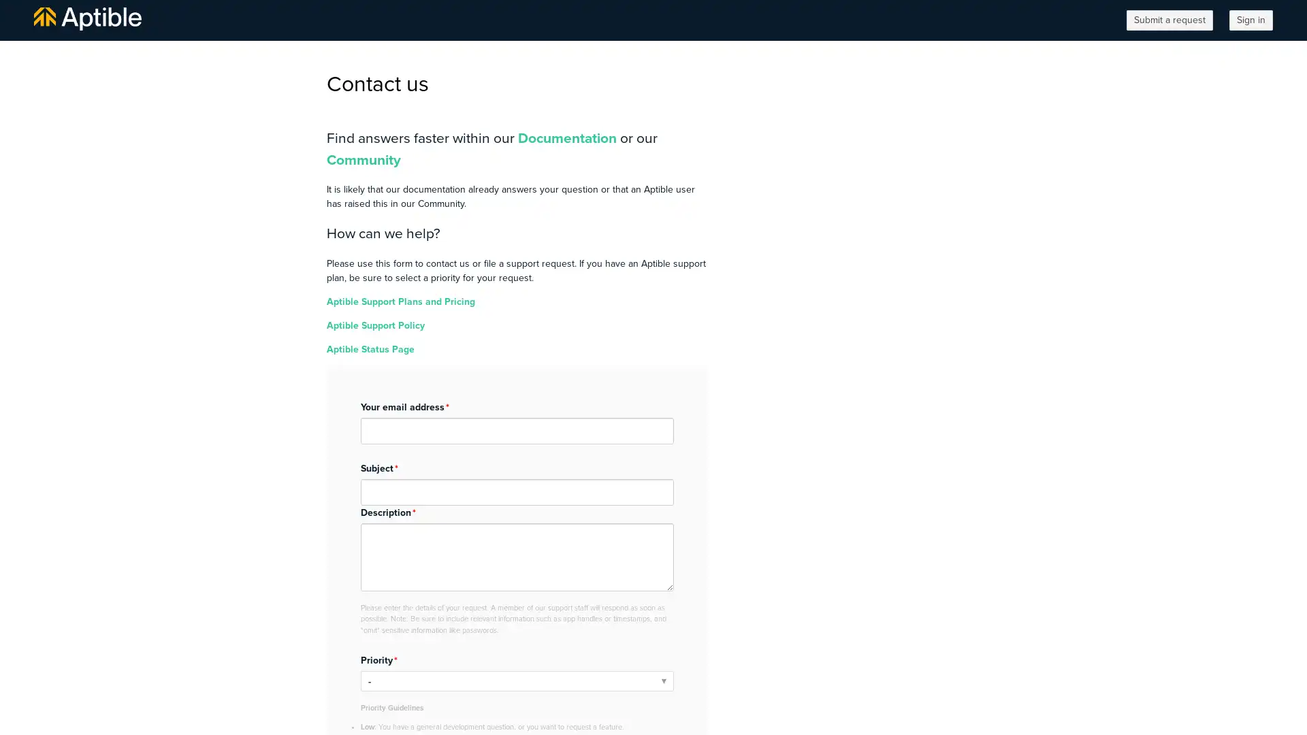 The height and width of the screenshot is (735, 1307). I want to click on Submit a request, so click(1169, 20).